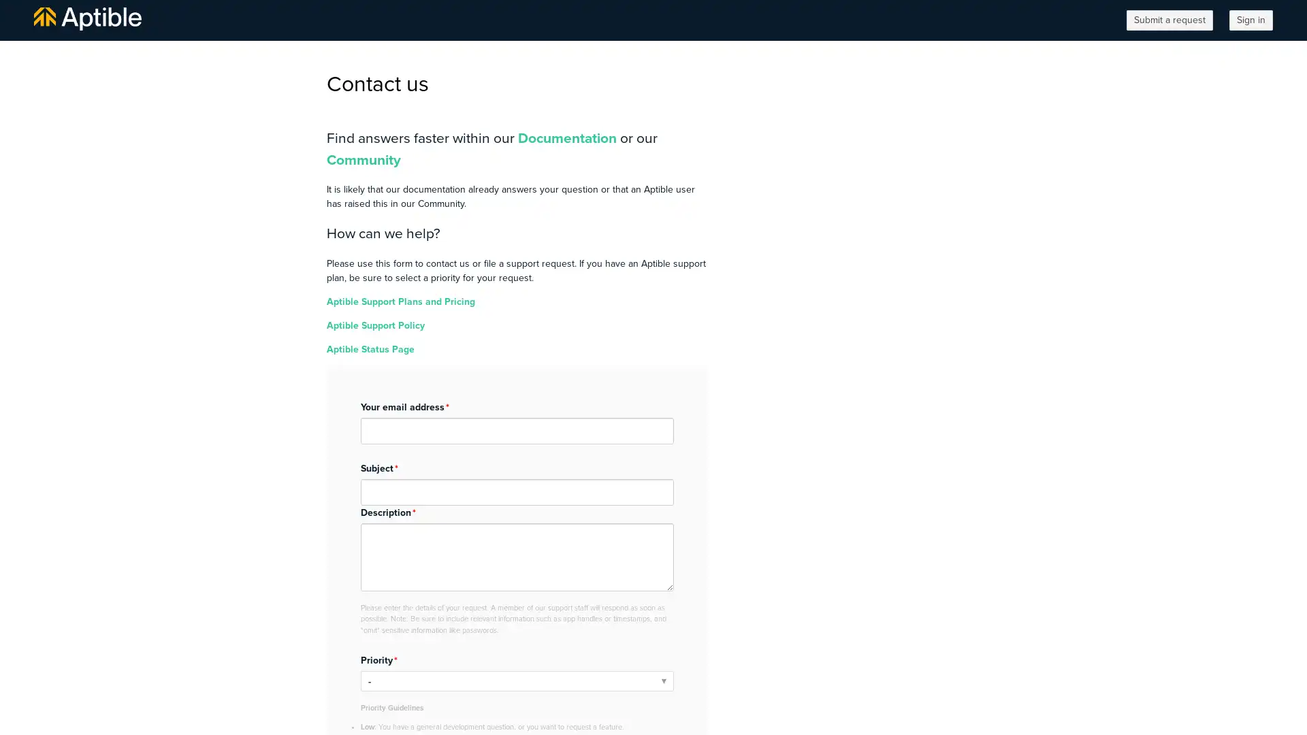 The height and width of the screenshot is (735, 1307). I want to click on Submit a request, so click(1169, 20).